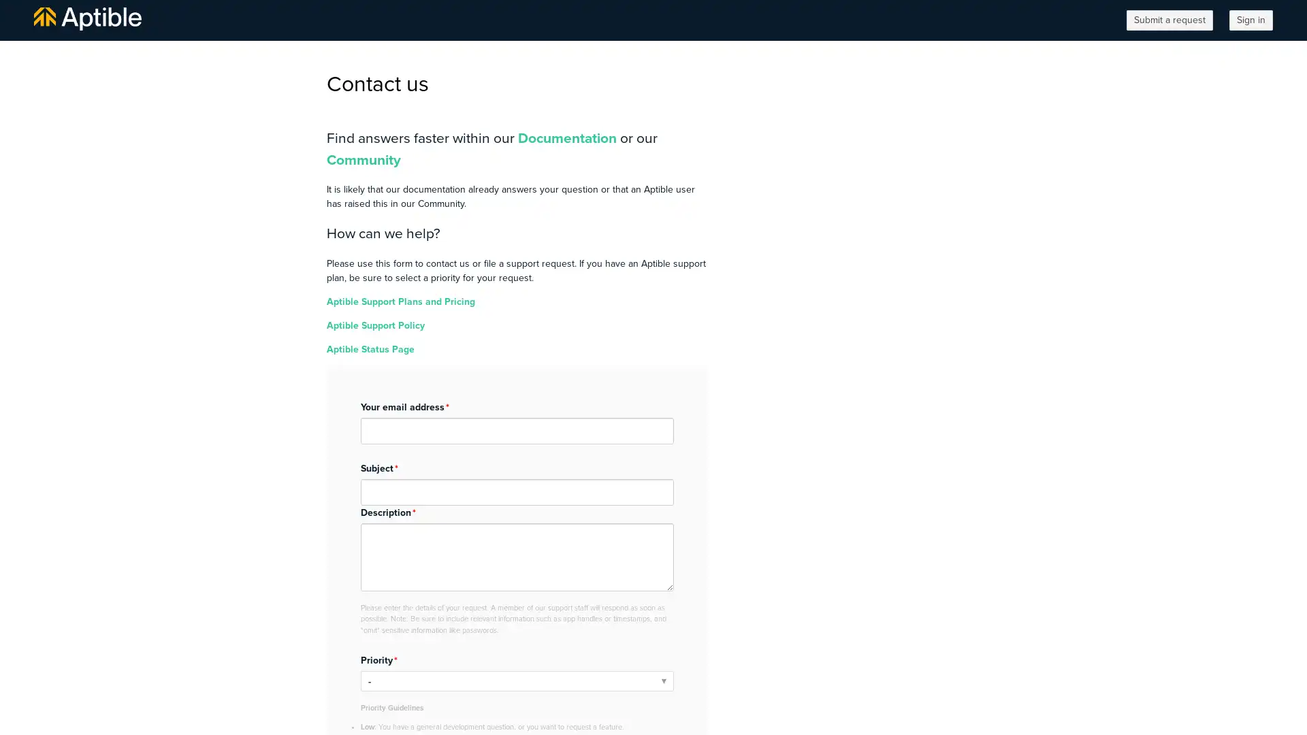 The height and width of the screenshot is (735, 1307). I want to click on Submit a request, so click(1169, 20).